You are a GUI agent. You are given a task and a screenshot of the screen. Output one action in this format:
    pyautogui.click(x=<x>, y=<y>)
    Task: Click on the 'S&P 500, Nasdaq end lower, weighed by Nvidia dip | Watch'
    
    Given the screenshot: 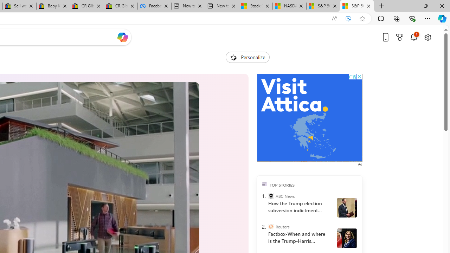 What is the action you would take?
    pyautogui.click(x=357, y=6)
    